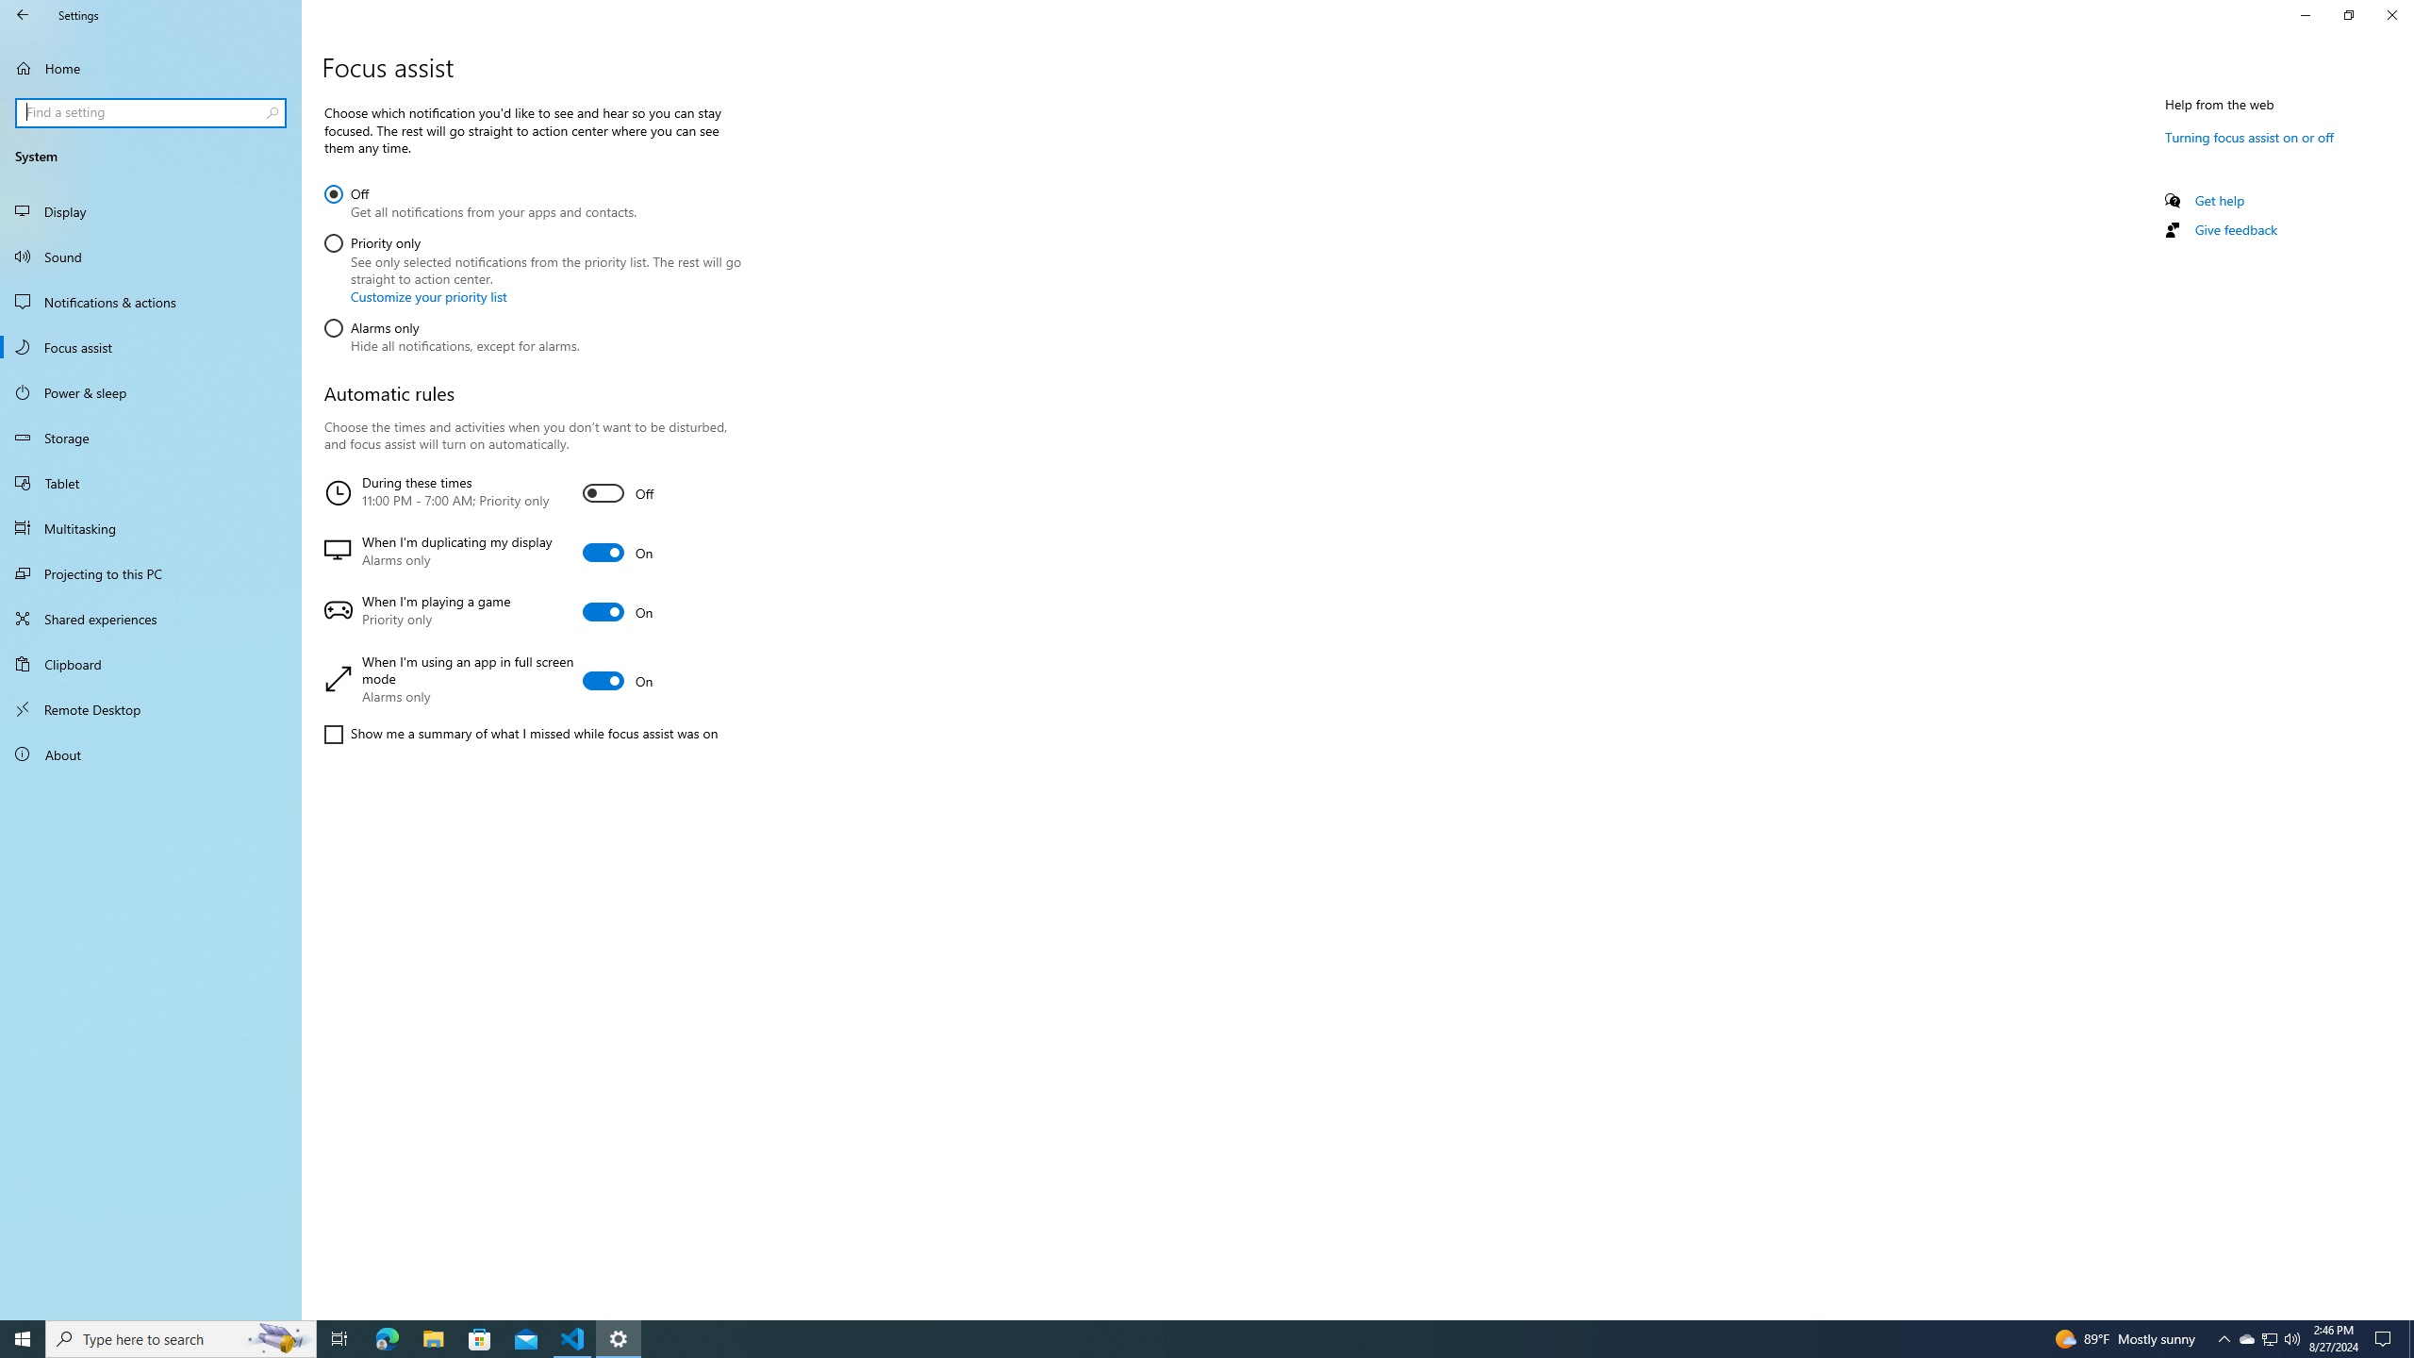 This screenshot has width=2414, height=1358. Describe the element at coordinates (150, 481) in the screenshot. I see `'Tablet'` at that location.